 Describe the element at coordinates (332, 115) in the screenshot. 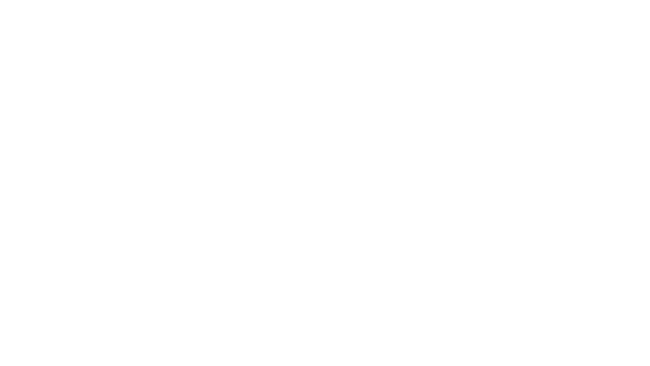

I see `Preregistration: No` at that location.